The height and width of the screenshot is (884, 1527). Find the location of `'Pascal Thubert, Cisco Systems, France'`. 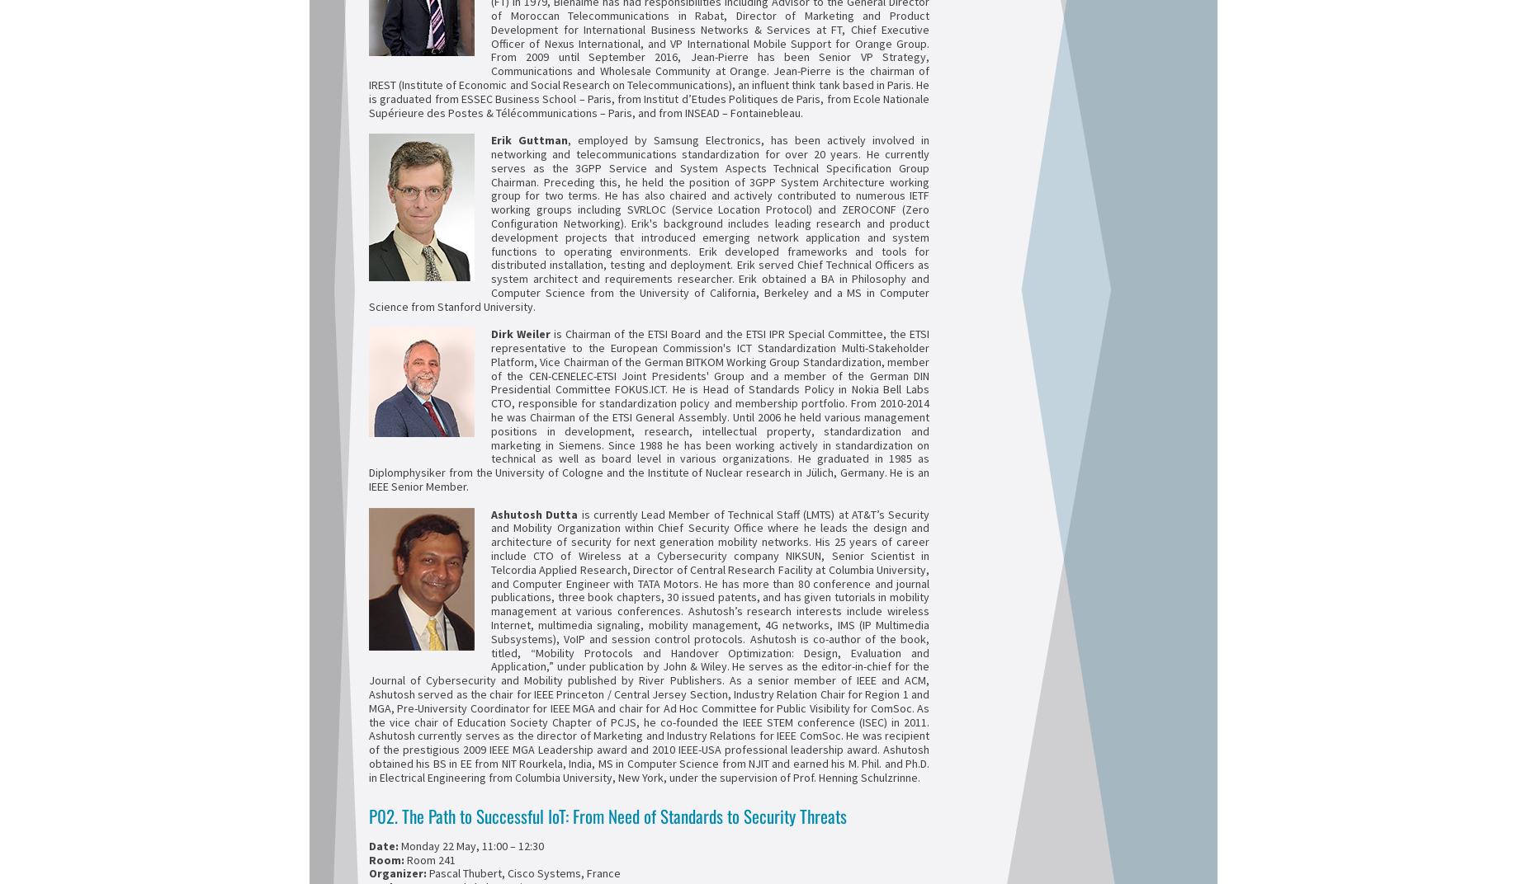

'Pascal Thubert, Cisco Systems, France' is located at coordinates (523, 873).